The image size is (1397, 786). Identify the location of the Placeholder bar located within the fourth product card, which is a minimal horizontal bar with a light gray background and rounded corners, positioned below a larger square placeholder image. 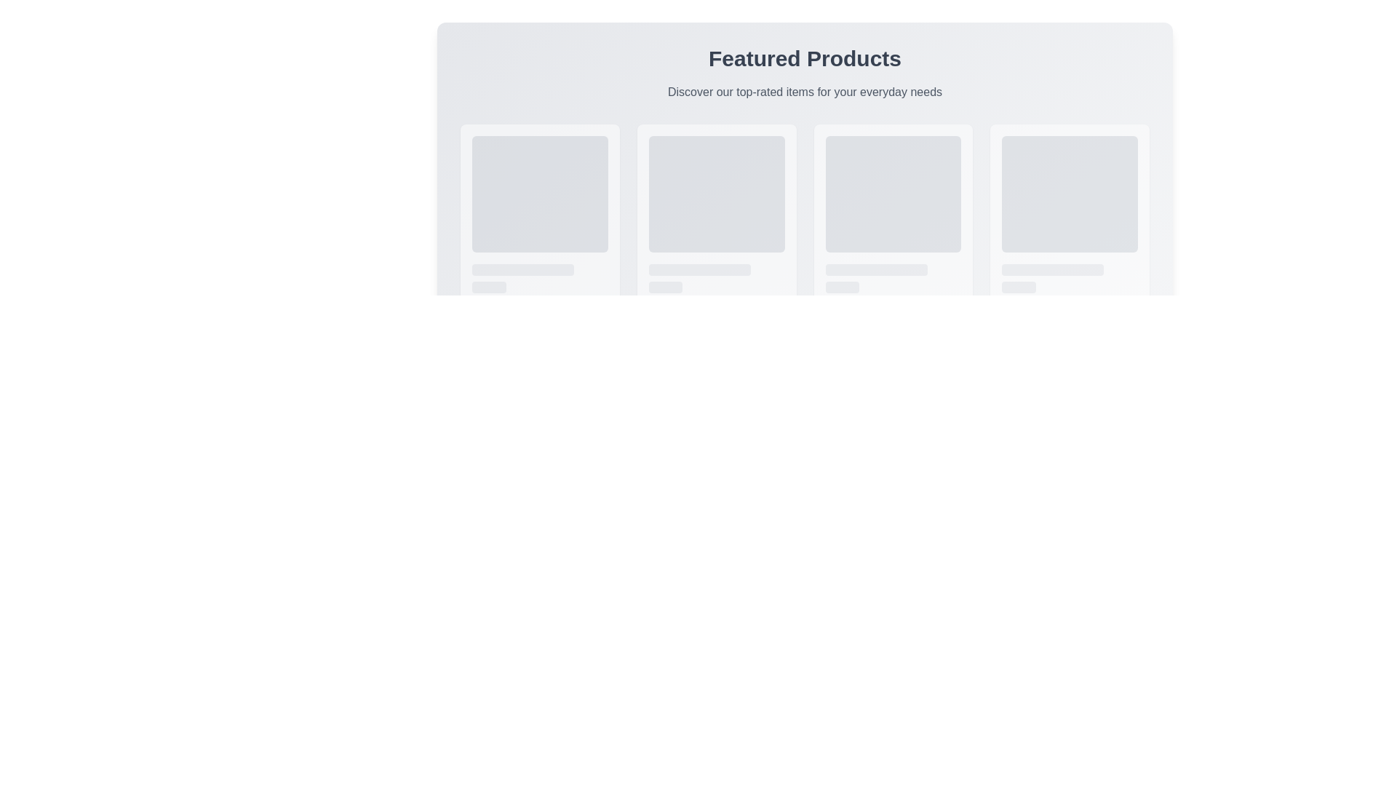
(1053, 269).